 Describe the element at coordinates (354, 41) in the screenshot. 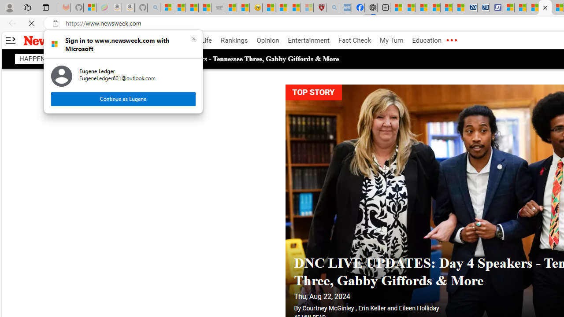

I see `'Fact Check'` at that location.